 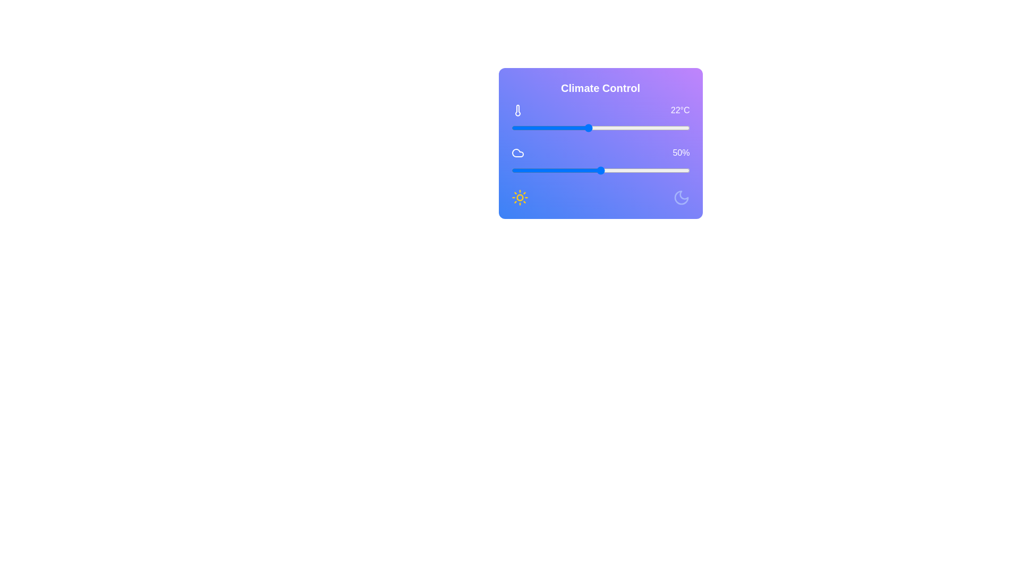 I want to click on the slider, so click(x=653, y=170).